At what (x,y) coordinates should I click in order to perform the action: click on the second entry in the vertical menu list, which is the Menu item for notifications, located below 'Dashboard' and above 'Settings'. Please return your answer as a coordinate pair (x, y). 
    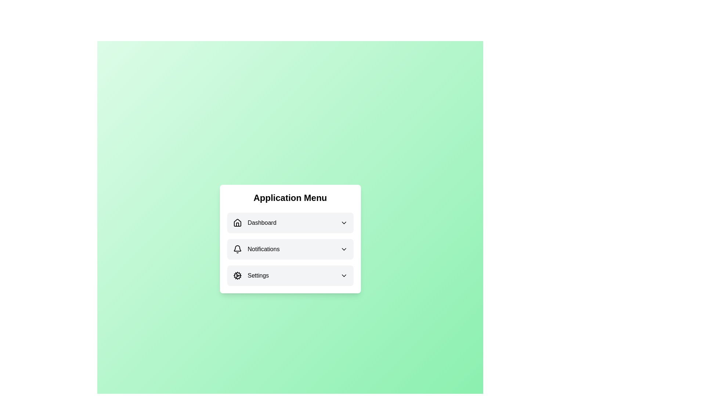
    Looking at the image, I should click on (256, 249).